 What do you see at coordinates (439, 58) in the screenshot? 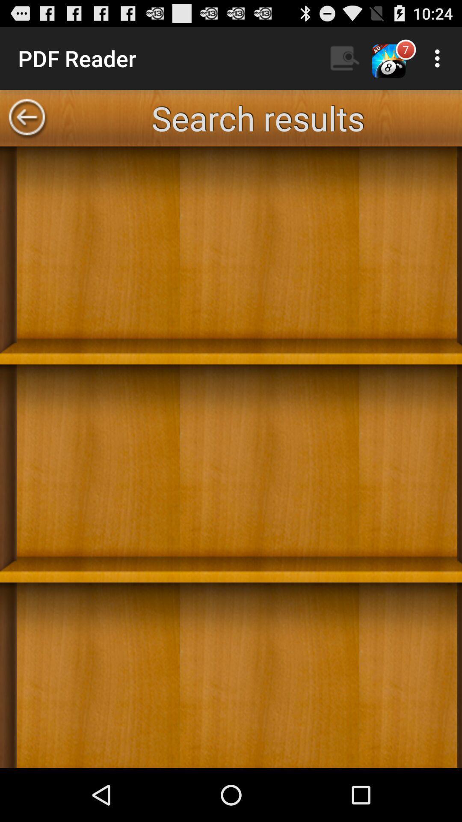
I see `the item to the right of 7` at bounding box center [439, 58].